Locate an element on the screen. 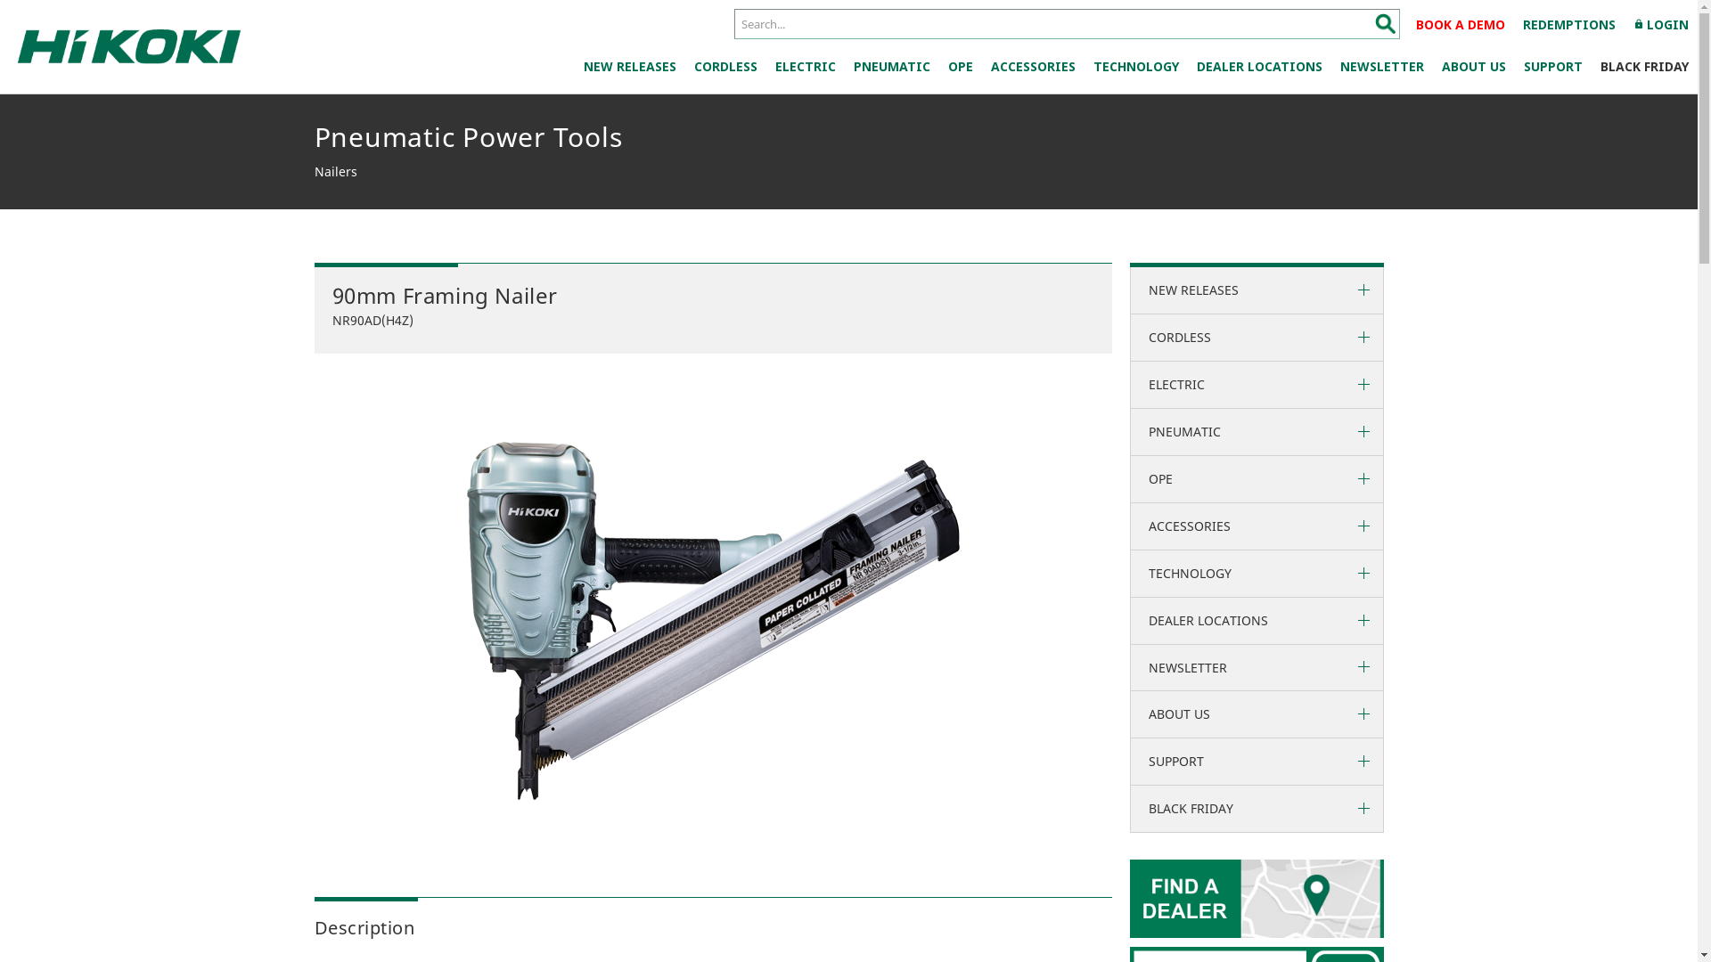 The image size is (1711, 962). 'ABOUT US' is located at coordinates (1255, 713).